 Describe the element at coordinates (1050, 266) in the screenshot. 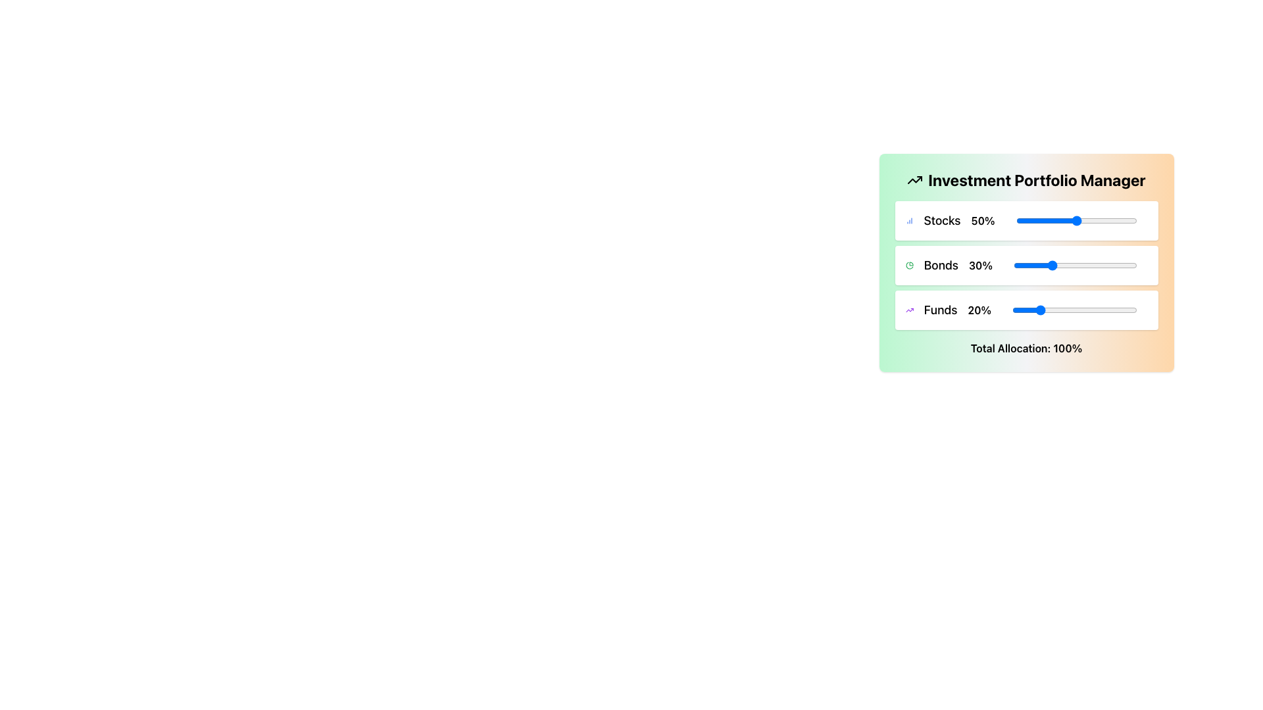

I see `the Bonds slider value` at that location.